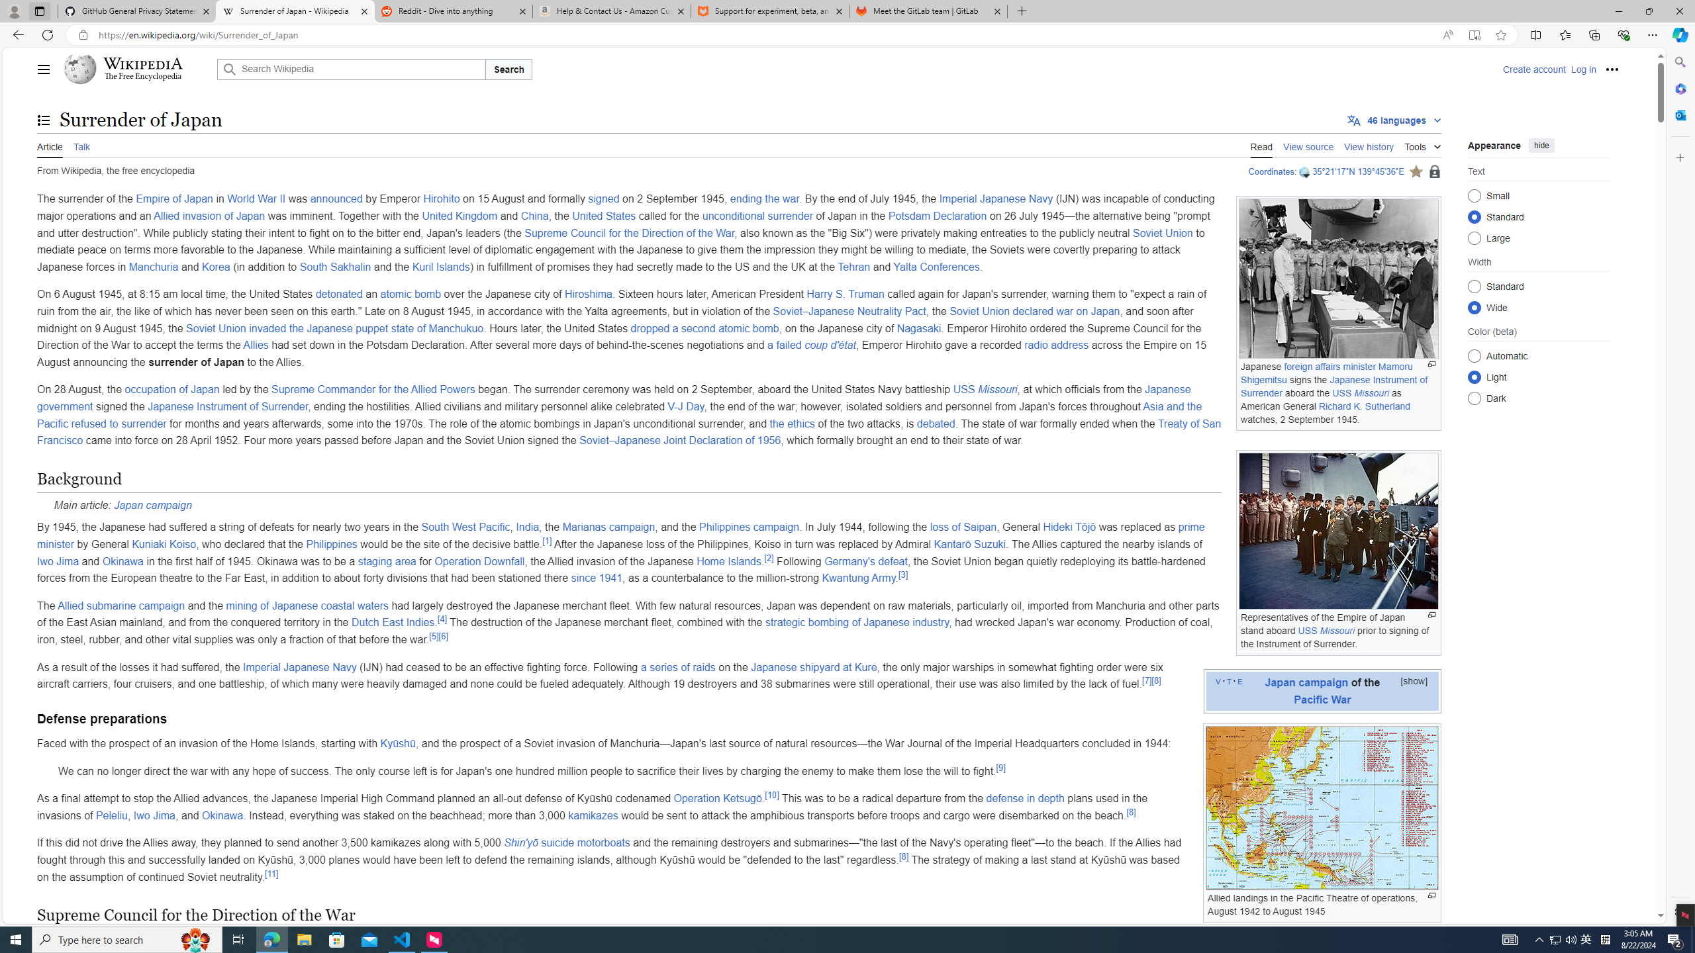  I want to click on 'prime minister', so click(620, 535).